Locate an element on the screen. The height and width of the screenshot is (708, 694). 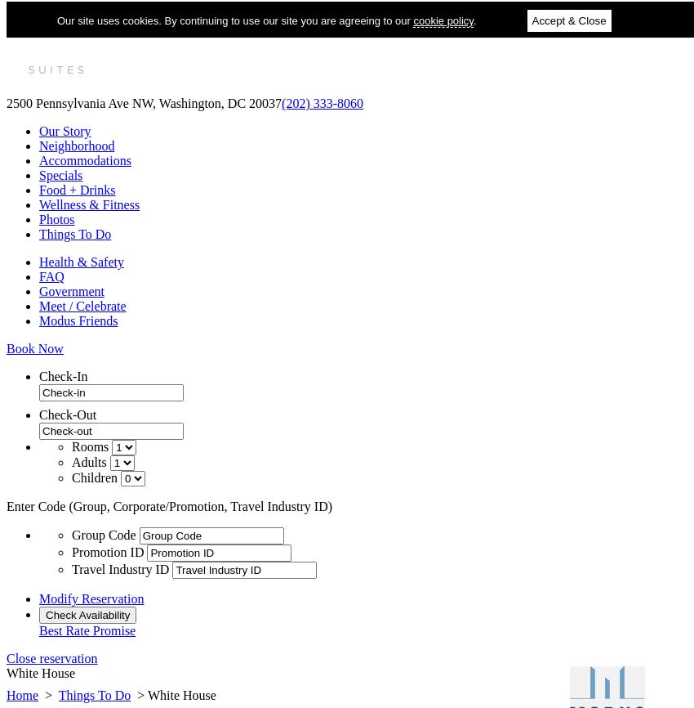
'Best Rate Promise' is located at coordinates (87, 630).